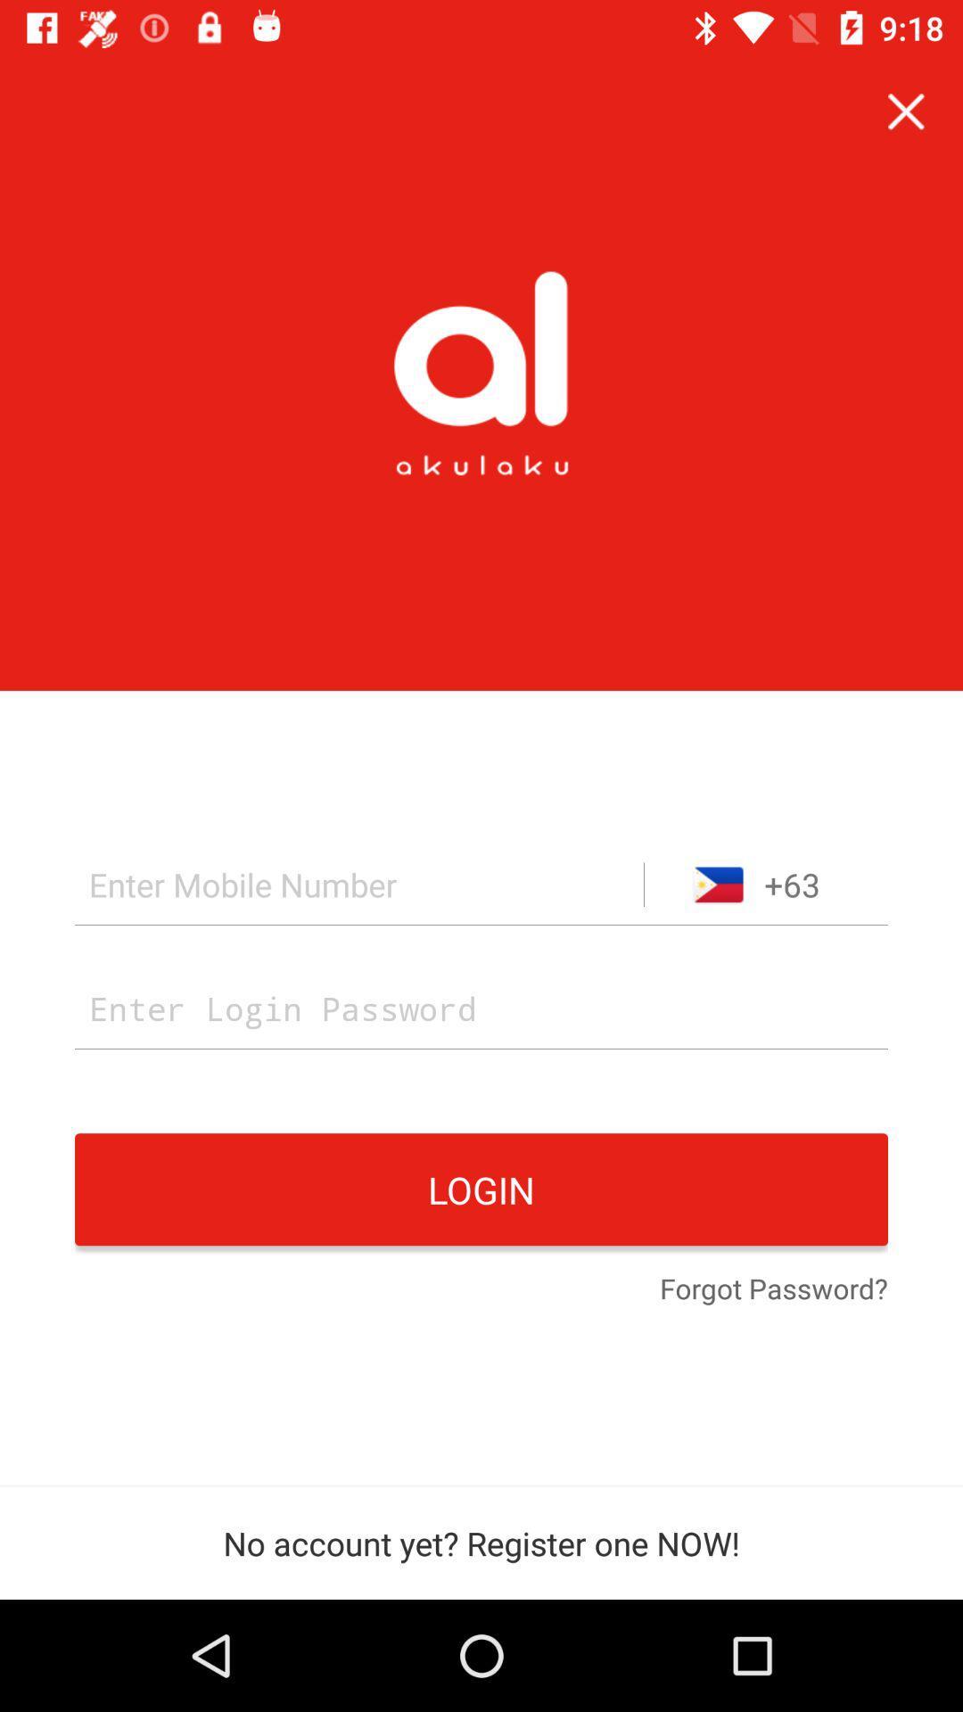 The image size is (963, 1712). Describe the element at coordinates (907, 111) in the screenshot. I see `the close icon` at that location.